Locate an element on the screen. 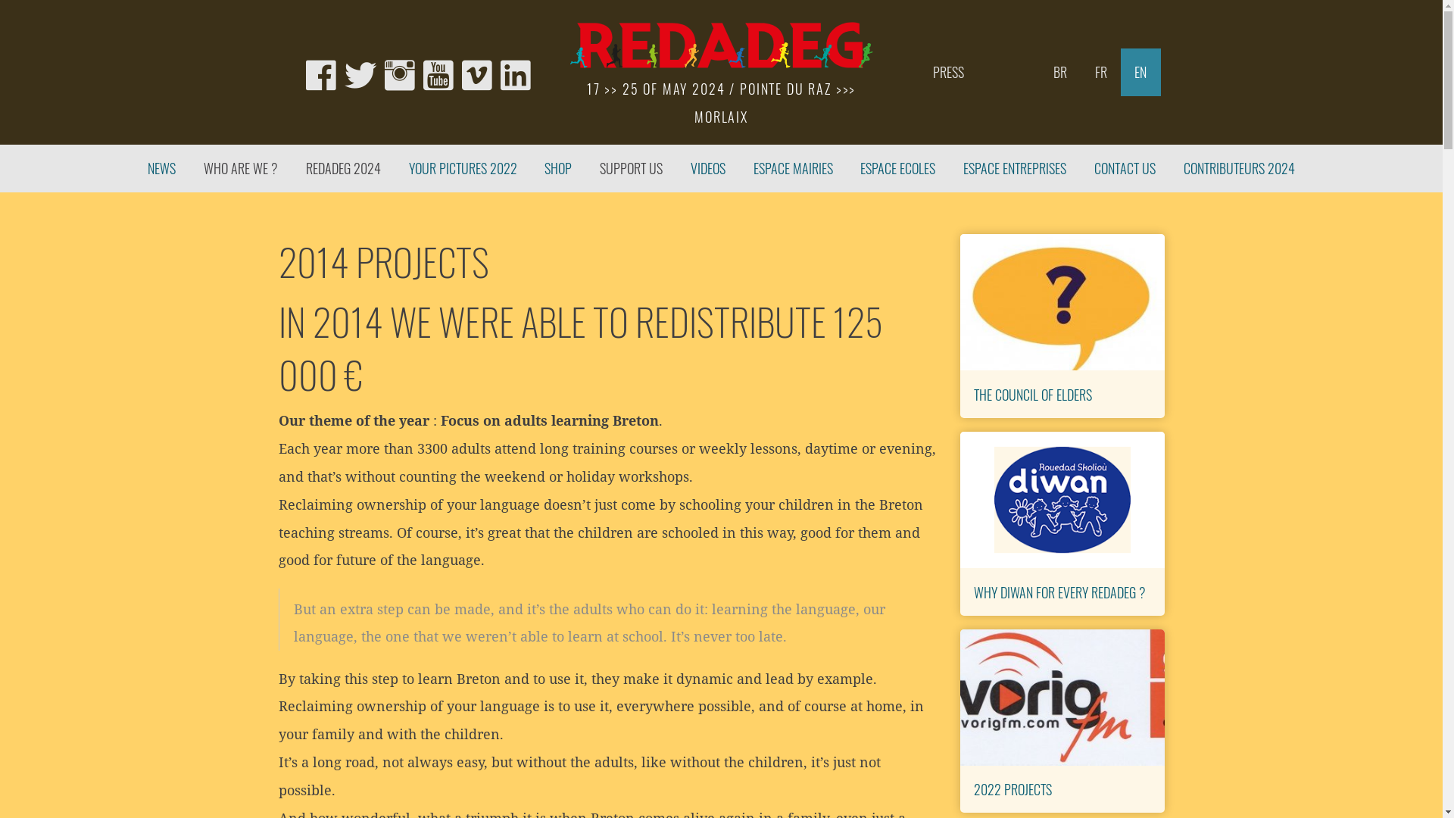 This screenshot has width=1454, height=818. 'WHY DIWAN FOR EVERY REDADEG ?' is located at coordinates (1059, 590).